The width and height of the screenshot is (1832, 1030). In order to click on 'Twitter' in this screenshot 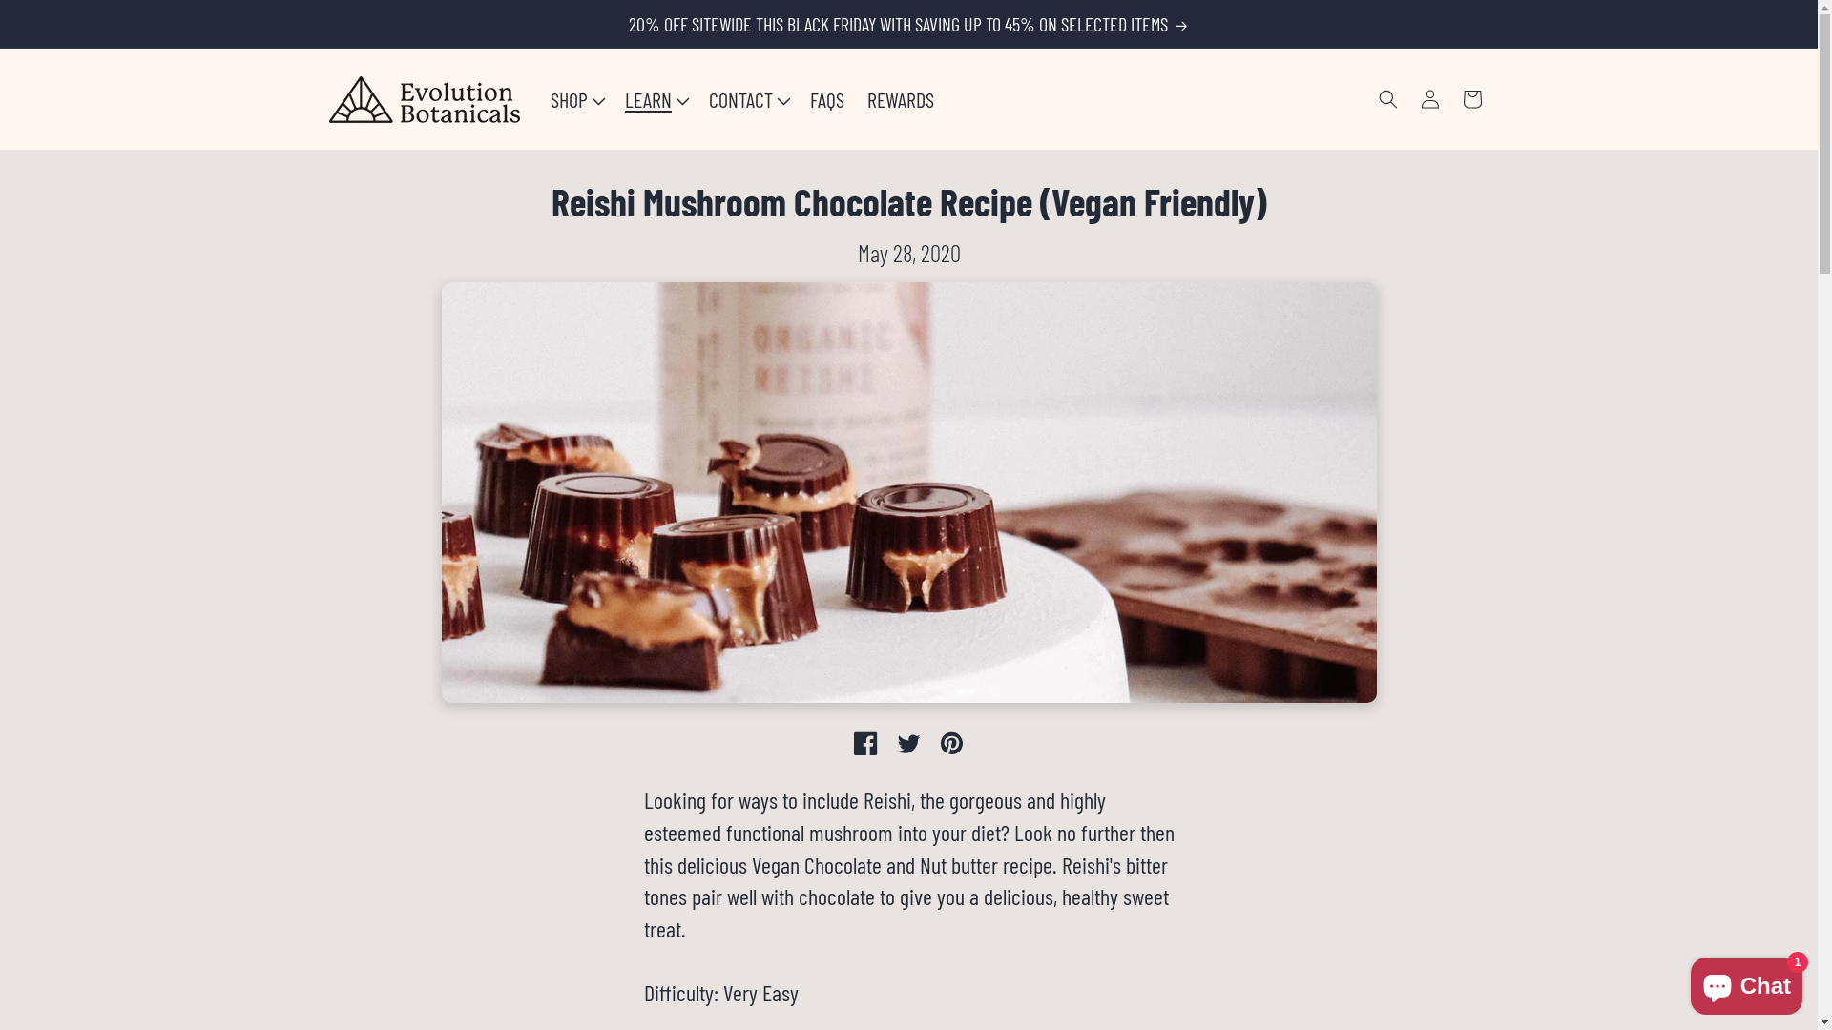, I will do `click(907, 742)`.